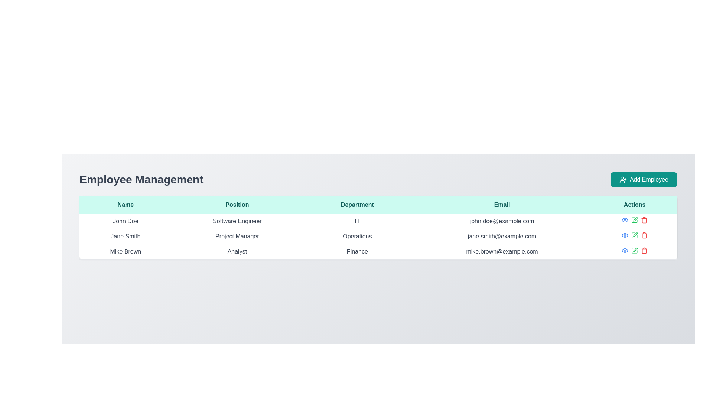 This screenshot has width=713, height=401. I want to click on the Data Table Row displaying information about employee 'John Doe', which includes the name, job title, department, and email, located in the 'Employee Management' section, so click(378, 221).